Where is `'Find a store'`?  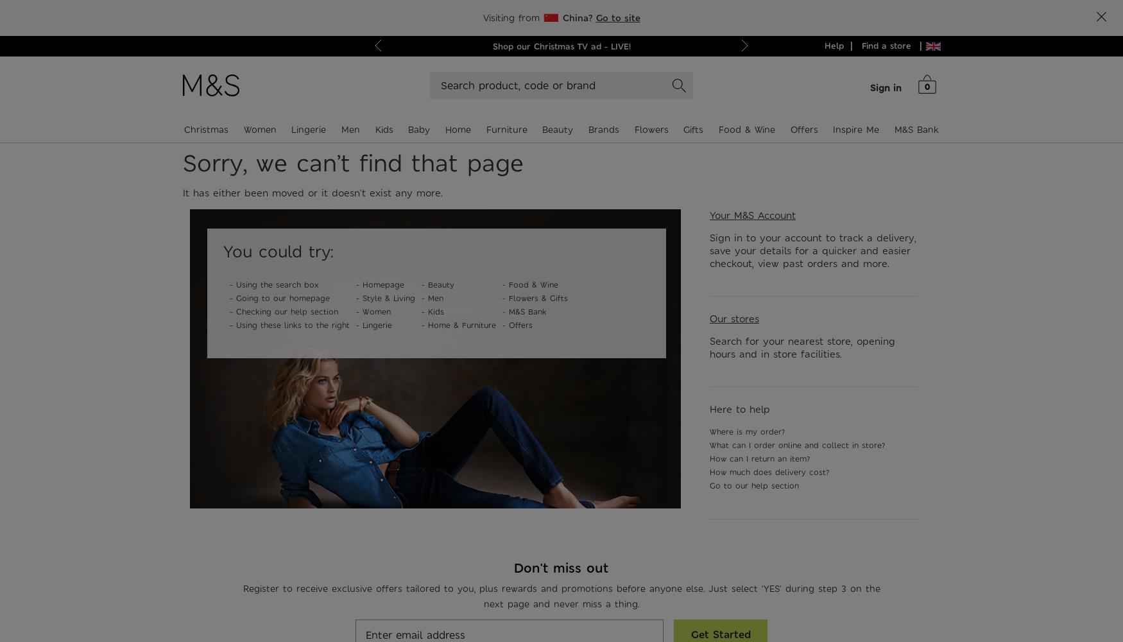 'Find a store' is located at coordinates (885, 45).